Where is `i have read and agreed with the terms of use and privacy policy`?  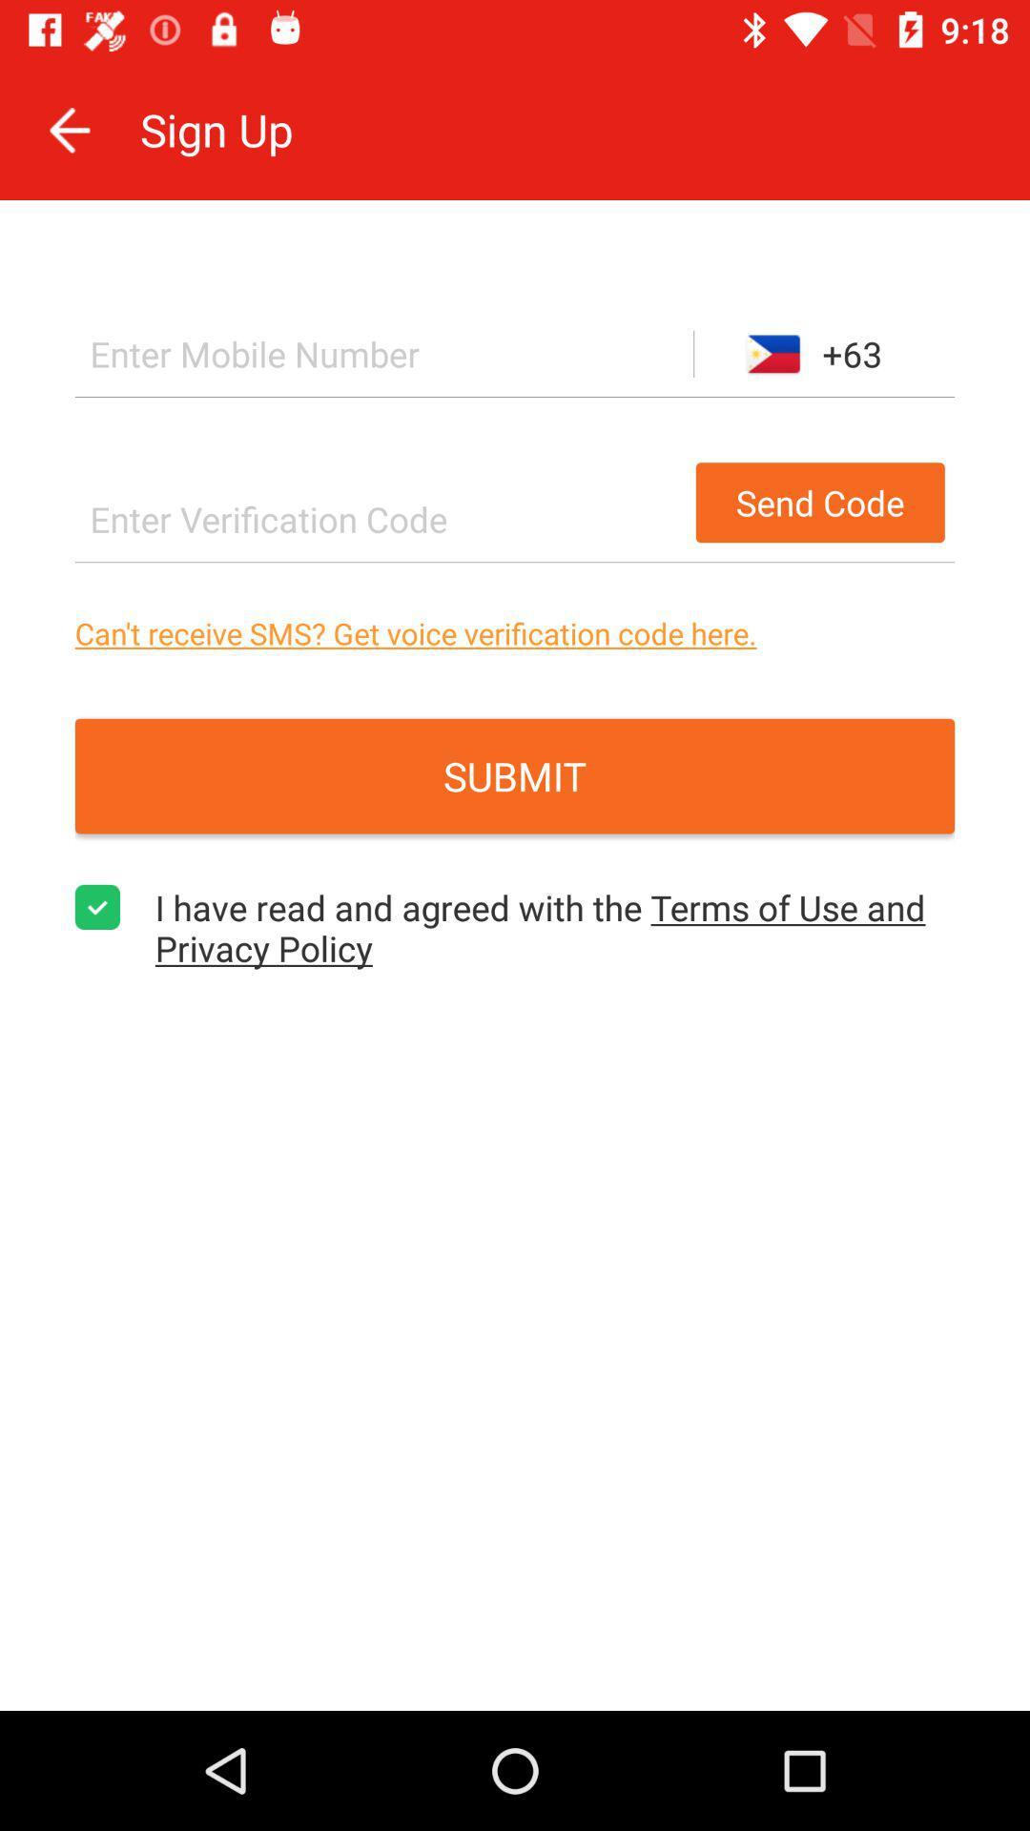 i have read and agreed with the terms of use and privacy policy is located at coordinates (97, 906).